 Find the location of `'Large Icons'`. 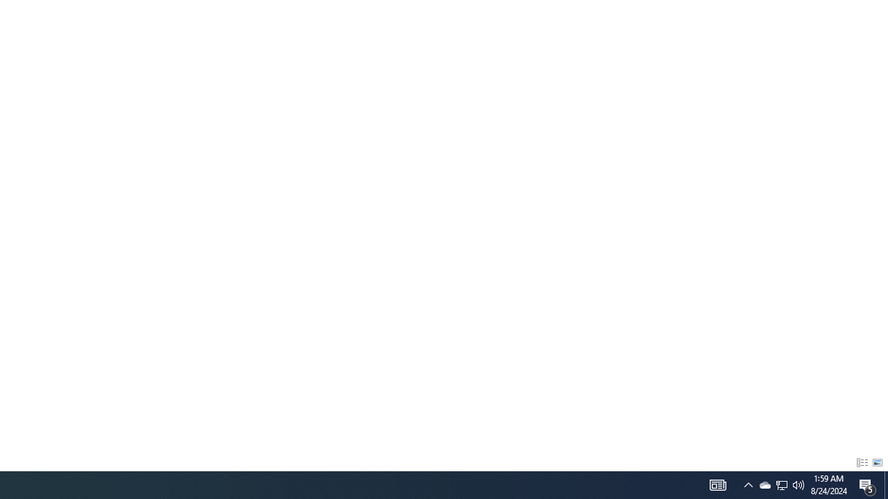

'Large Icons' is located at coordinates (877, 463).